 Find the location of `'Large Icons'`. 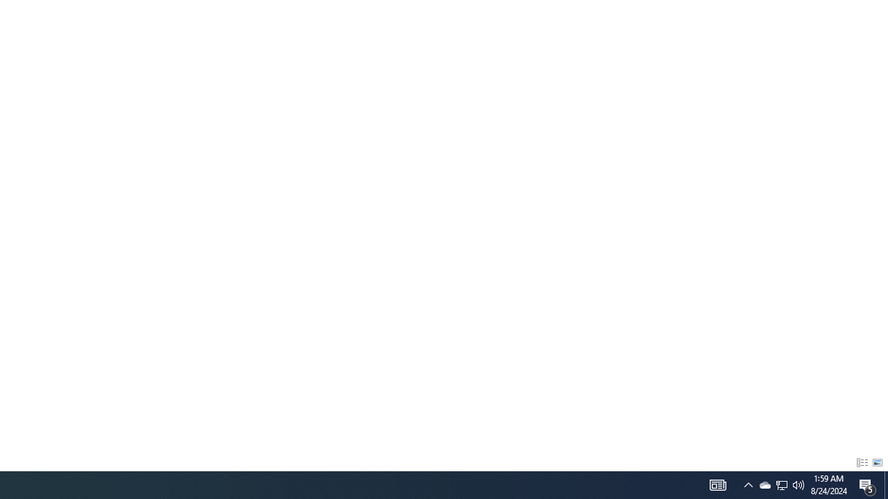

'Large Icons' is located at coordinates (877, 463).